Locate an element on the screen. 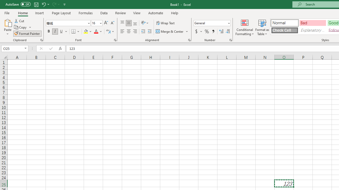 This screenshot has width=339, height=190. 'Number Format' is located at coordinates (212, 23).